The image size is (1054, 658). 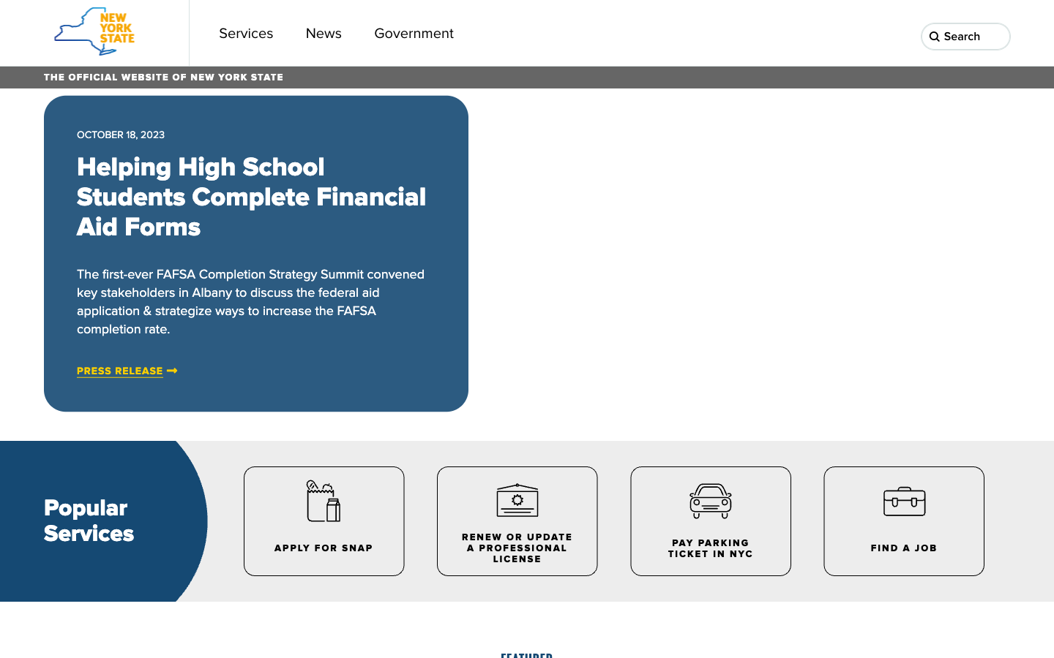 What do you see at coordinates (324, 32) in the screenshot?
I see `Progress towards the news section page` at bounding box center [324, 32].